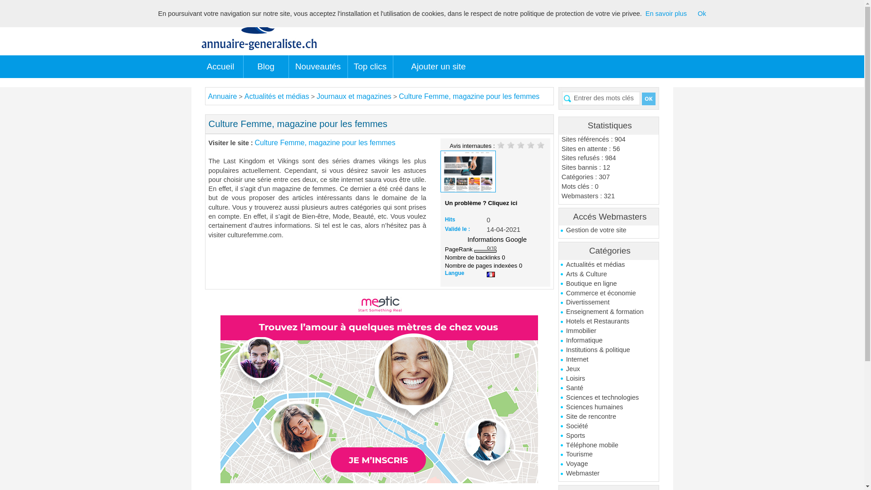 The width and height of the screenshot is (871, 490). Describe the element at coordinates (609, 454) in the screenshot. I see `'Tourisme'` at that location.